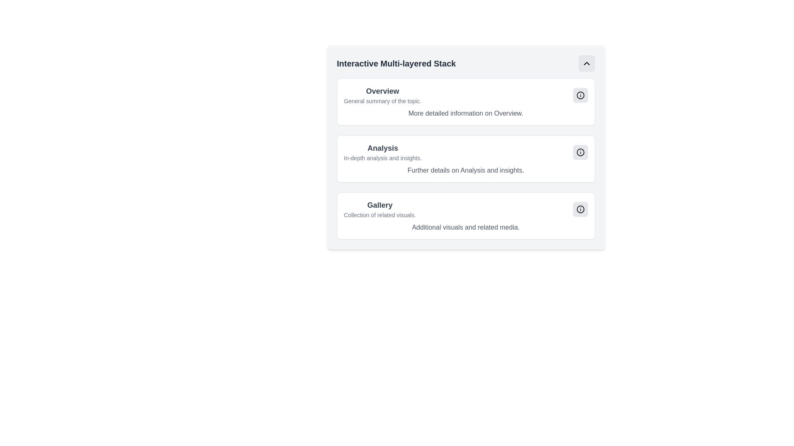 This screenshot has width=794, height=446. I want to click on the circular graphical component that represents an information symbol within the 'Gallery' section of the interface, so click(580, 209).